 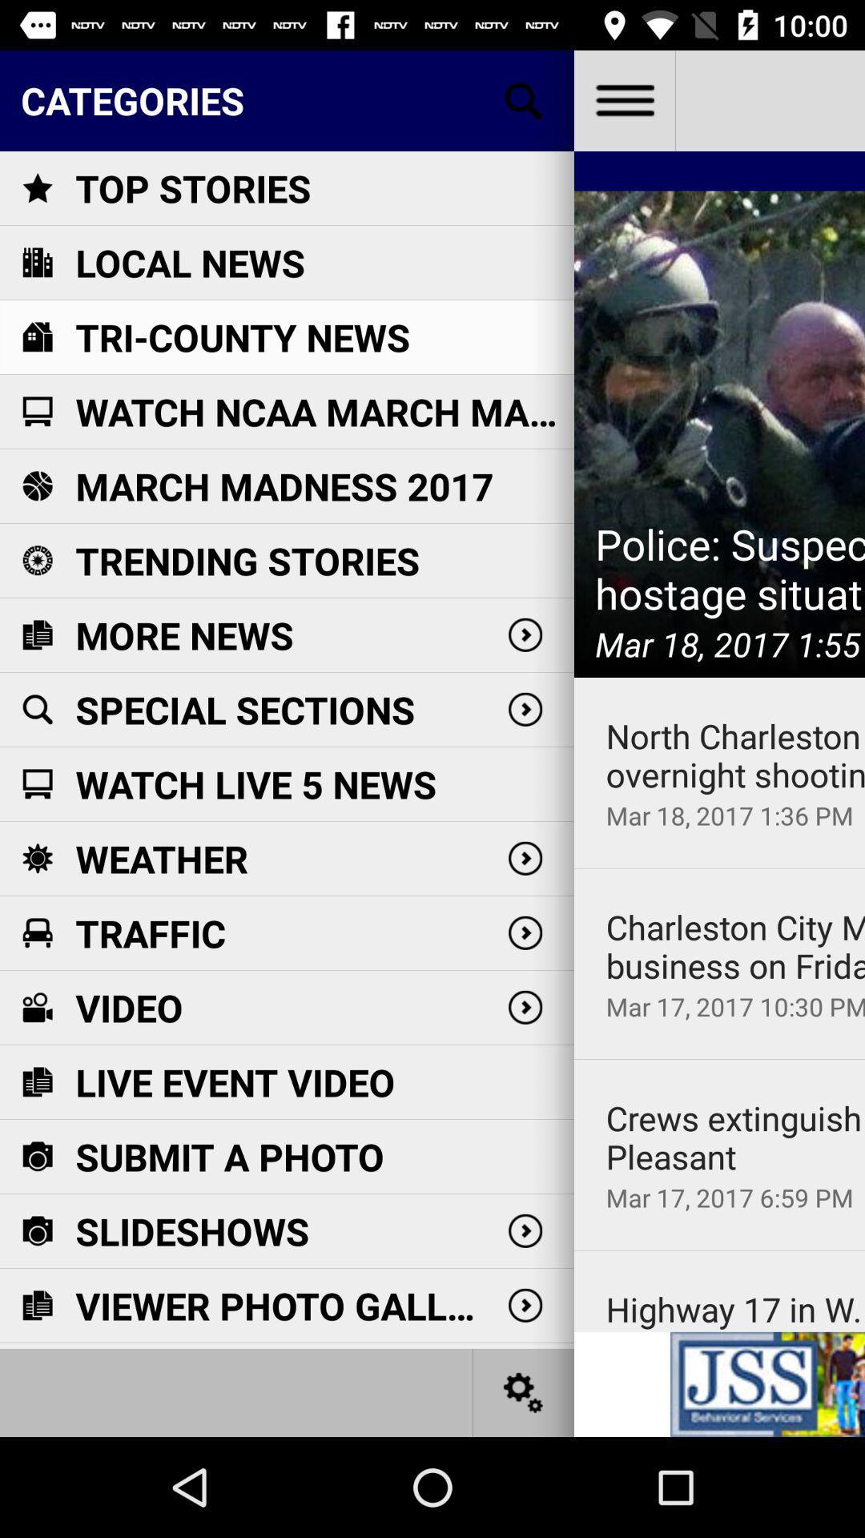 What do you see at coordinates (735, 1309) in the screenshot?
I see `highway 17 in` at bounding box center [735, 1309].